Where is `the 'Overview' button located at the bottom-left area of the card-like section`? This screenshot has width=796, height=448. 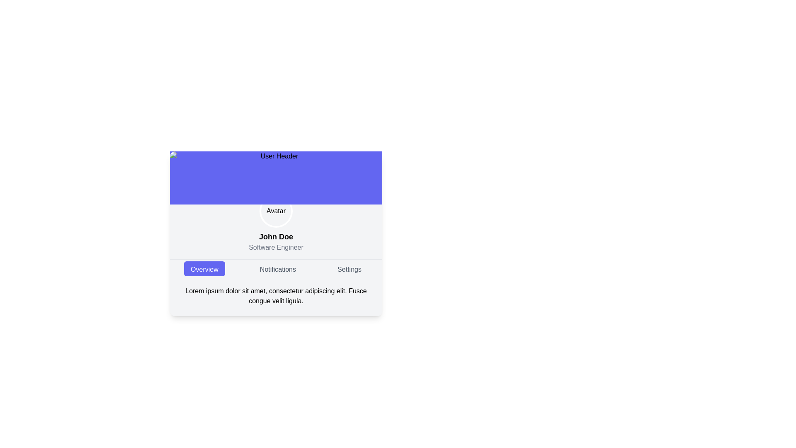
the 'Overview' button located at the bottom-left area of the card-like section is located at coordinates (204, 269).